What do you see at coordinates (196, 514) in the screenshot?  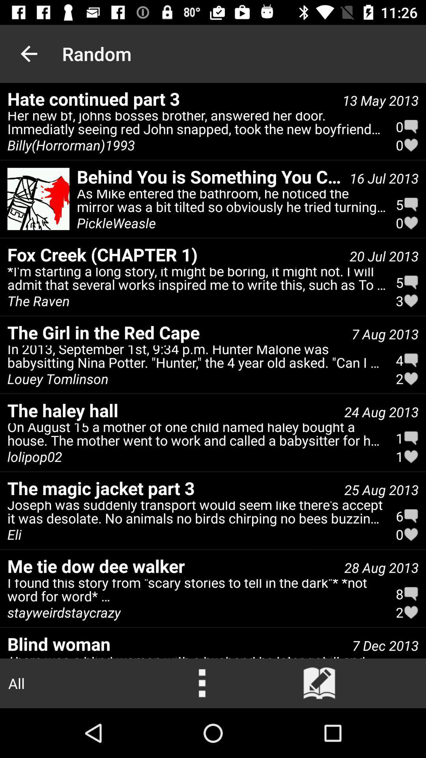 I see `icon below the the magic jacket item` at bounding box center [196, 514].